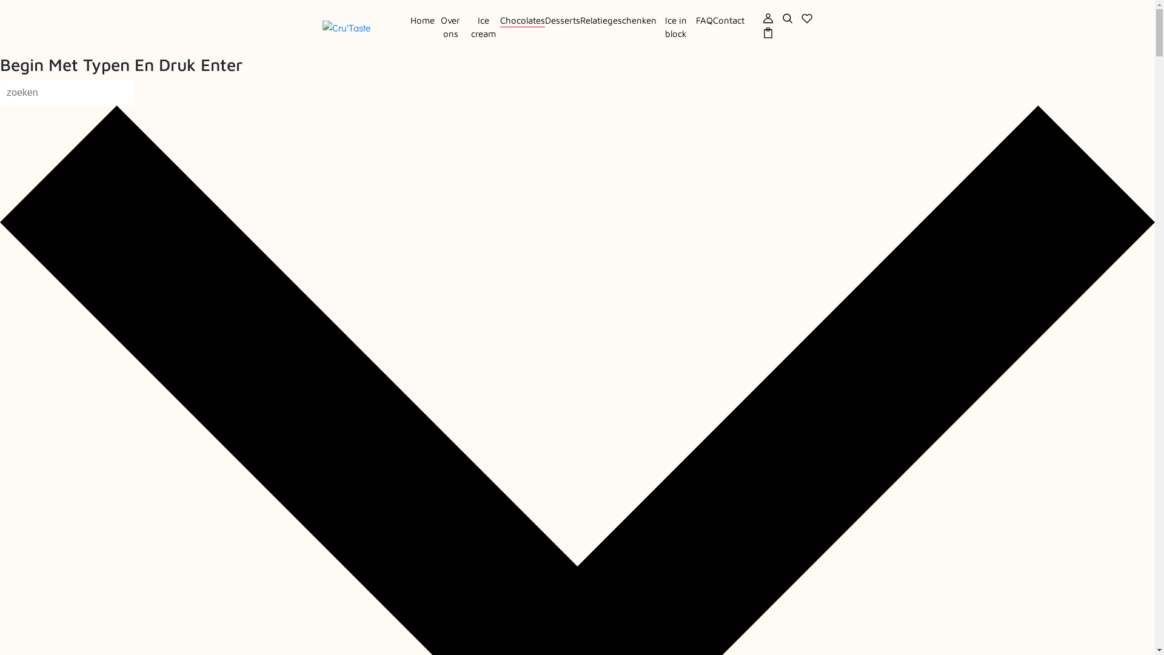 The image size is (1164, 655). What do you see at coordinates (704, 20) in the screenshot?
I see `'FAQ'` at bounding box center [704, 20].